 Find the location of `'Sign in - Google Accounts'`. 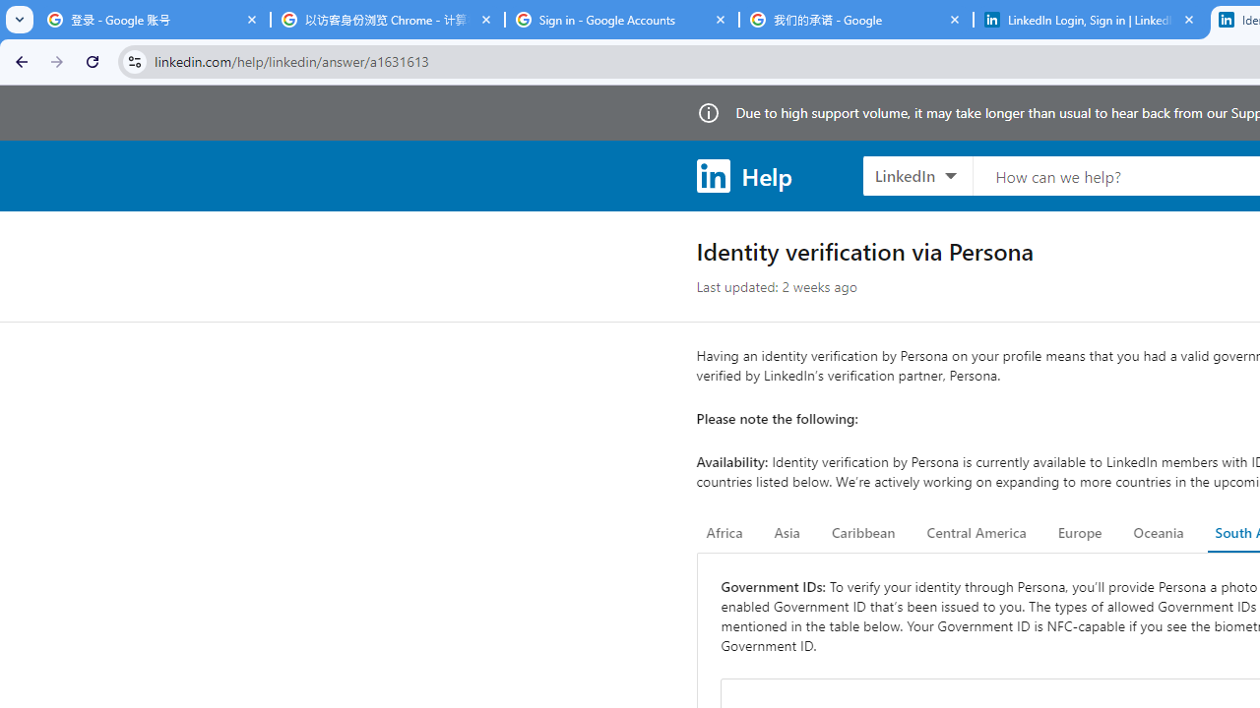

'Sign in - Google Accounts' is located at coordinates (621, 20).